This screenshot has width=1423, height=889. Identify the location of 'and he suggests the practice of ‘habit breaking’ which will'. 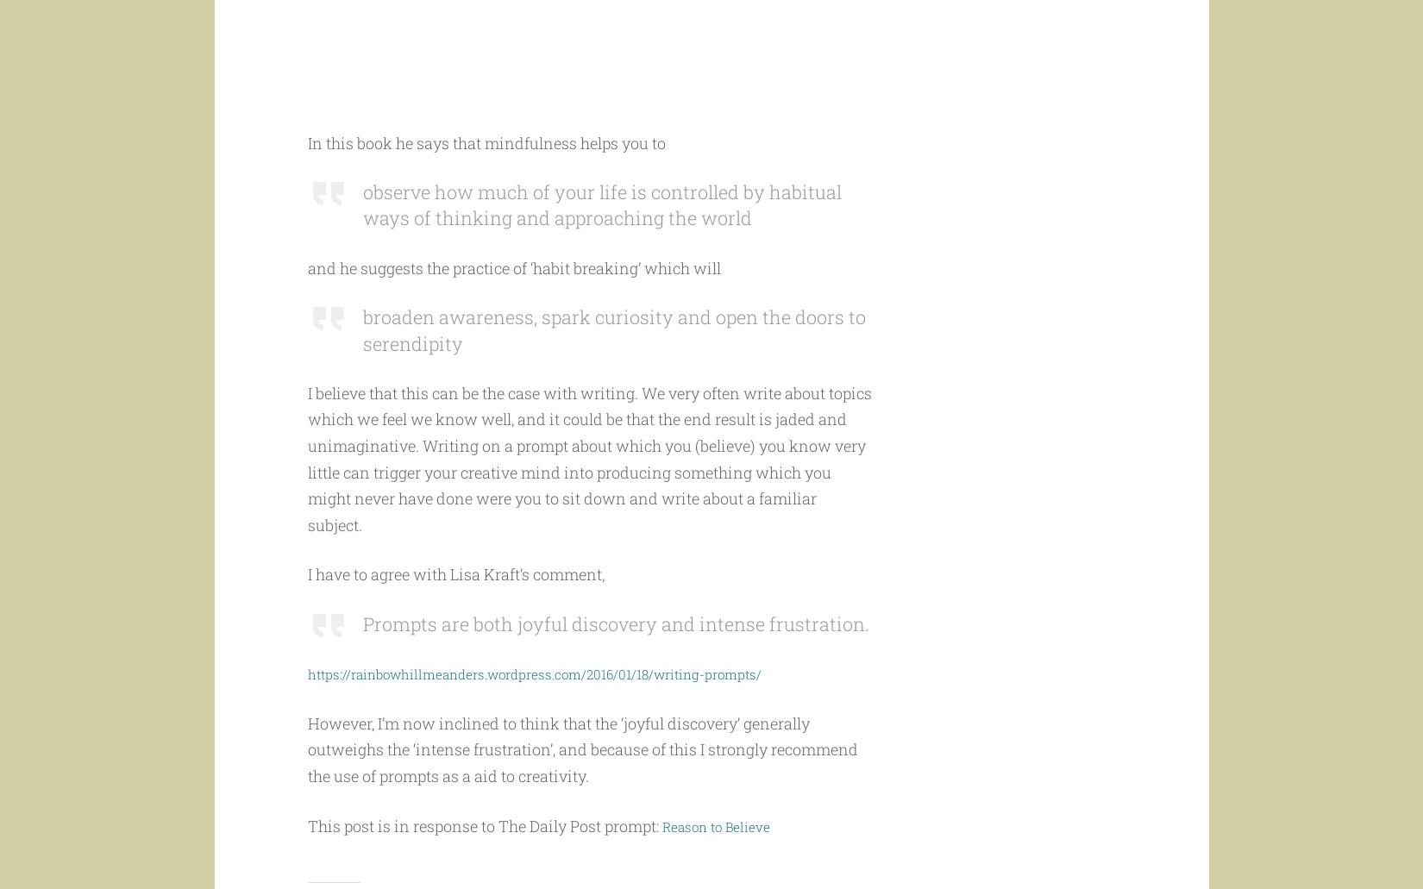
(512, 299).